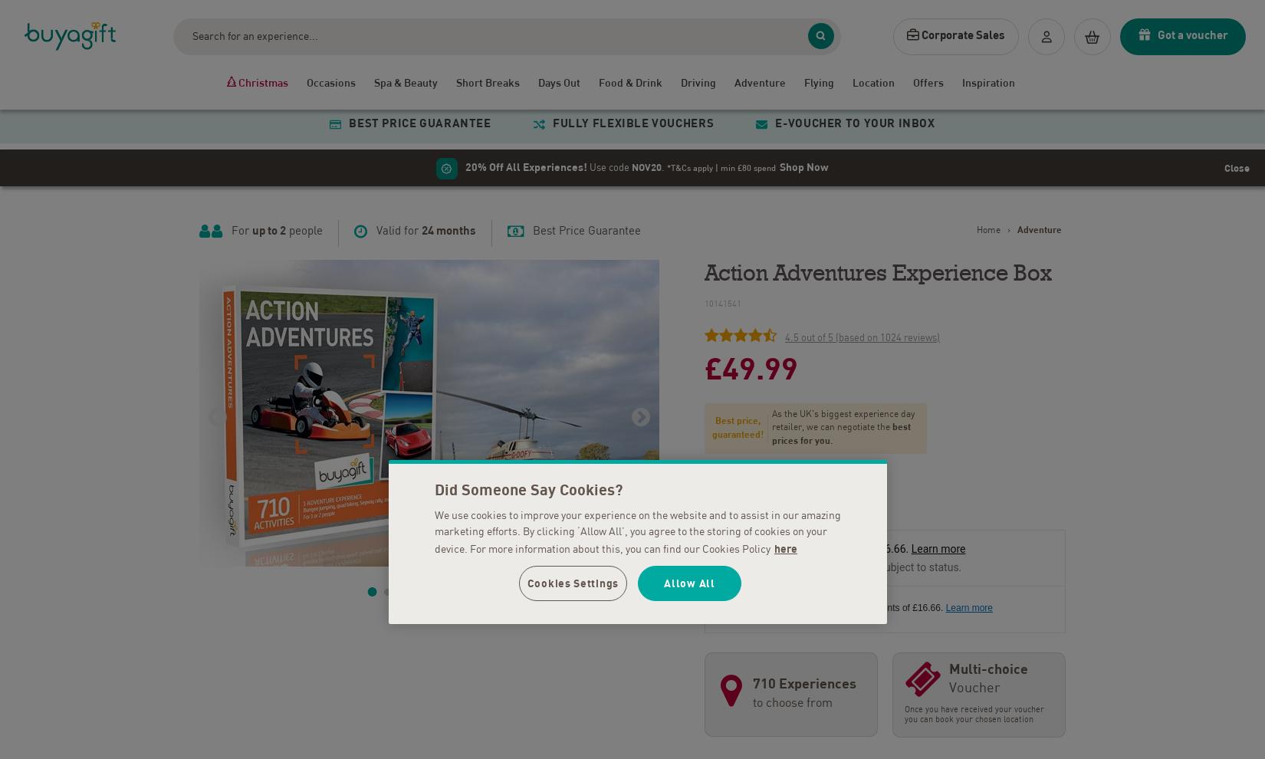 This screenshot has height=759, width=1265. Describe the element at coordinates (646, 163) in the screenshot. I see `'NOV20'` at that location.